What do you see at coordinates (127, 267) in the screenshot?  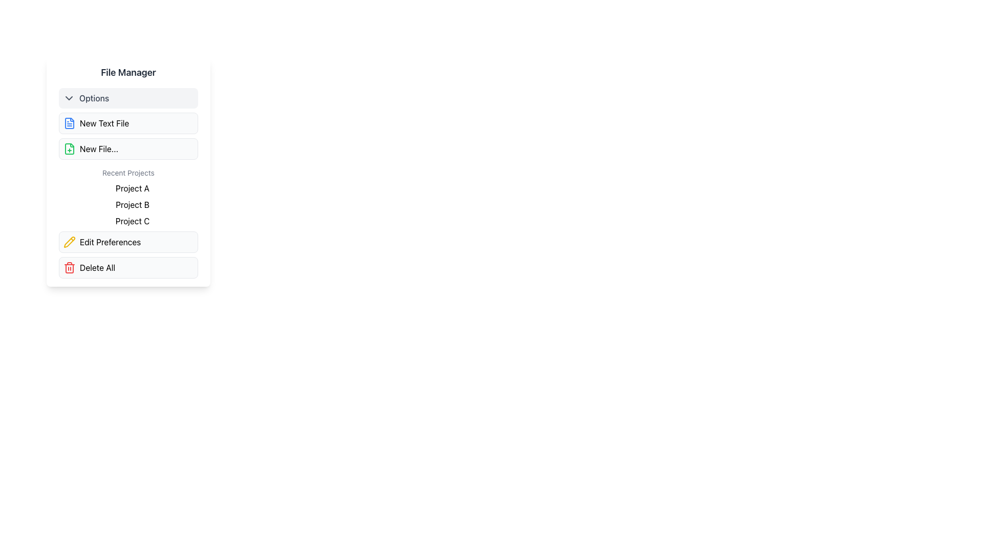 I see `the delete button located at the bottom of the vertical list` at bounding box center [127, 267].